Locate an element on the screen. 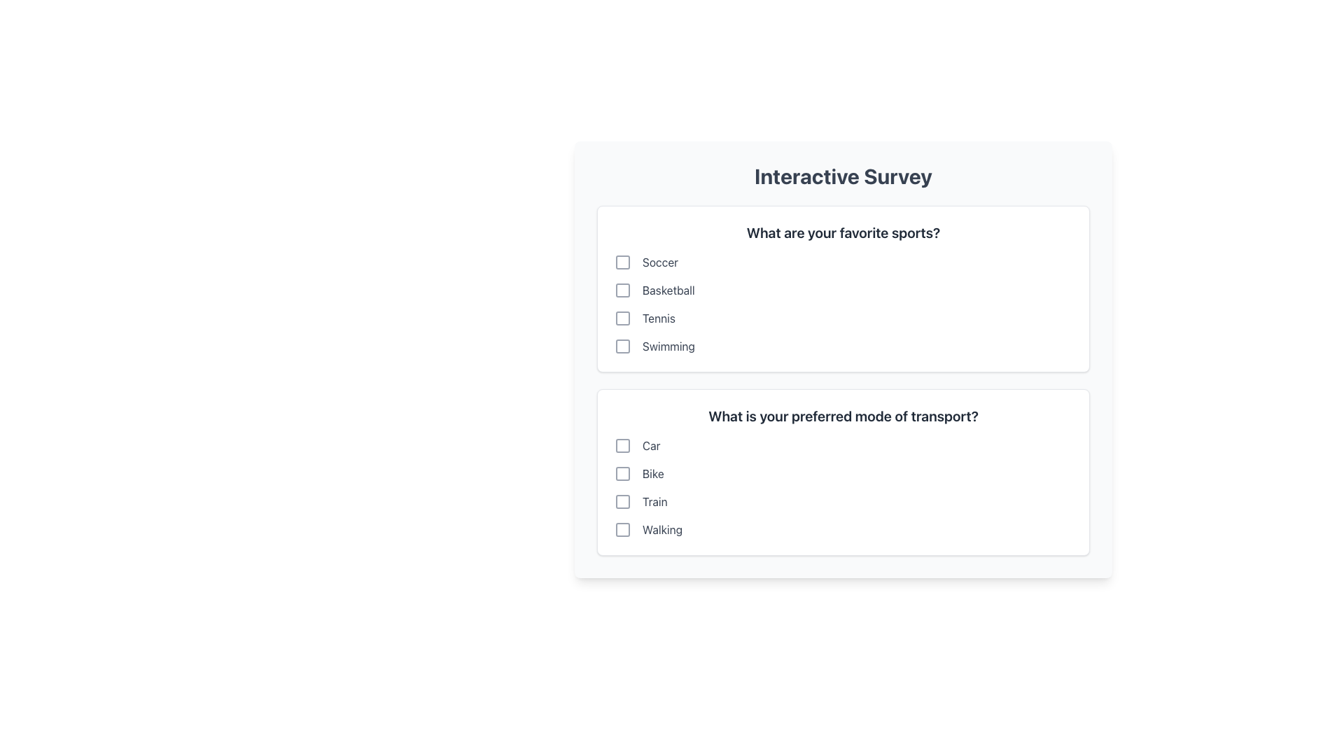 This screenshot has width=1344, height=756. the text label reading 'Walking' which is styled in dark gray and located next to a checkbox in the survey form under the question 'What is your preferred mode of transport?' is located at coordinates (661, 529).